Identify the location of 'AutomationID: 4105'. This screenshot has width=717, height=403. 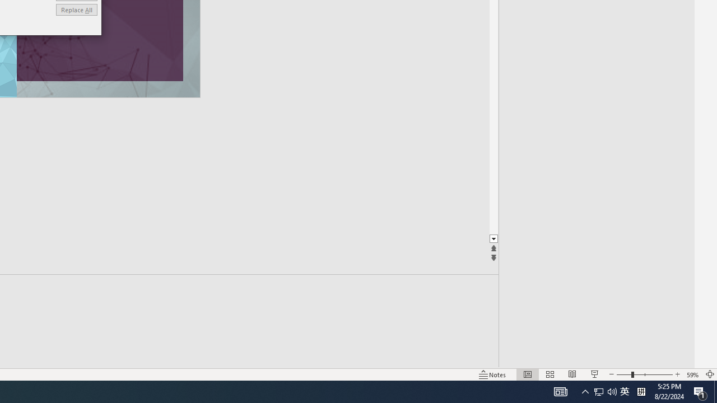
(560, 391).